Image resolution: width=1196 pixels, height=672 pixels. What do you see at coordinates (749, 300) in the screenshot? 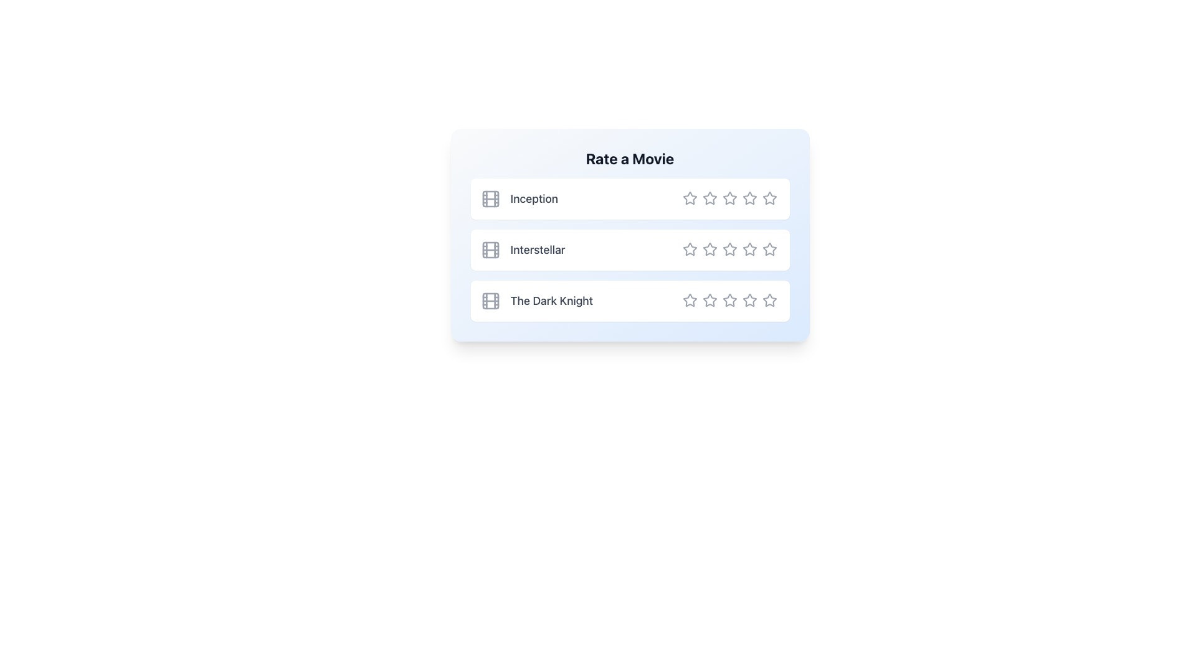
I see `on the fourth star icon in the five-star rating system for 'The Dark Knight'` at bounding box center [749, 300].